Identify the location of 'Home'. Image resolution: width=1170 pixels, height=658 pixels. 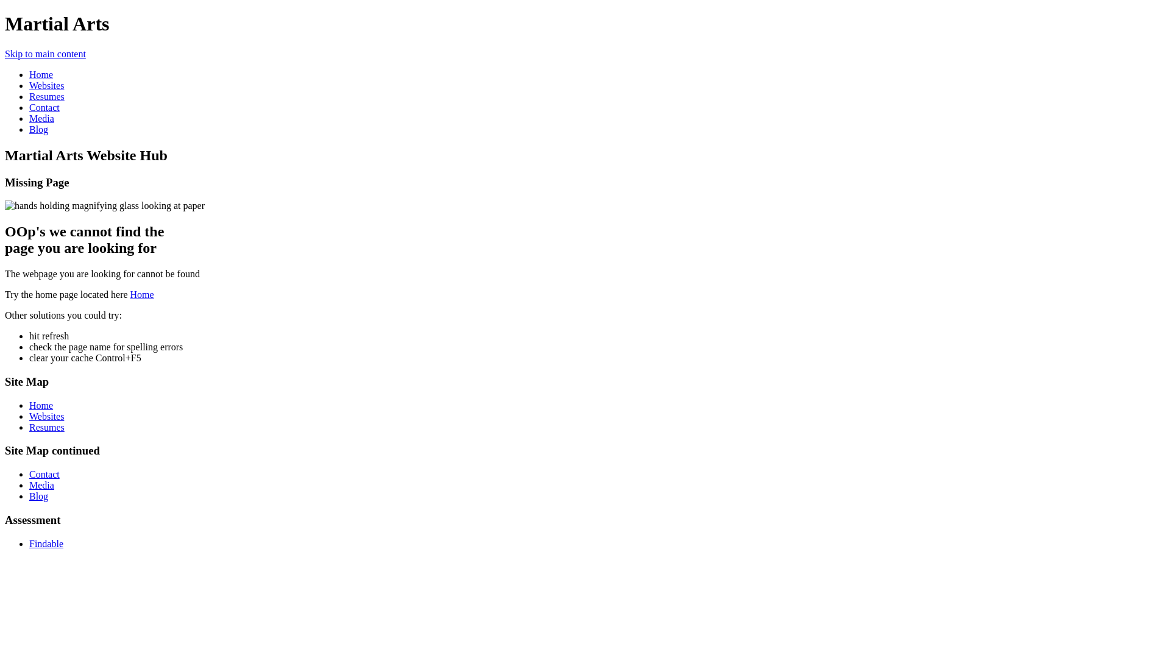
(41, 74).